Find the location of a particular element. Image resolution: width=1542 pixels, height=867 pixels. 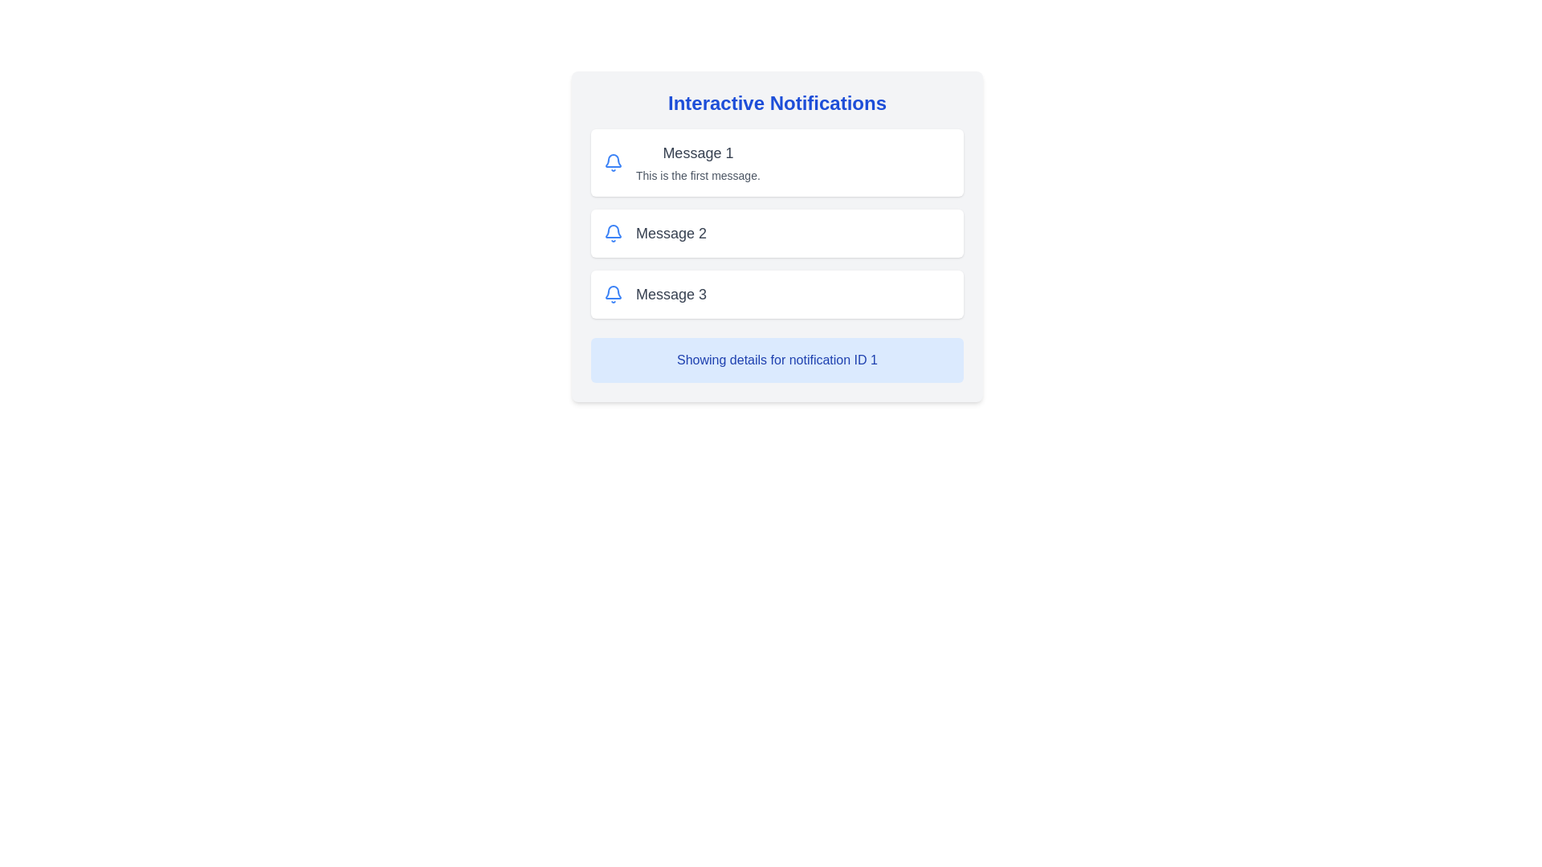

the message notification icon located in the upper-left corner of the second row next to 'Message 2' is located at coordinates (612, 233).